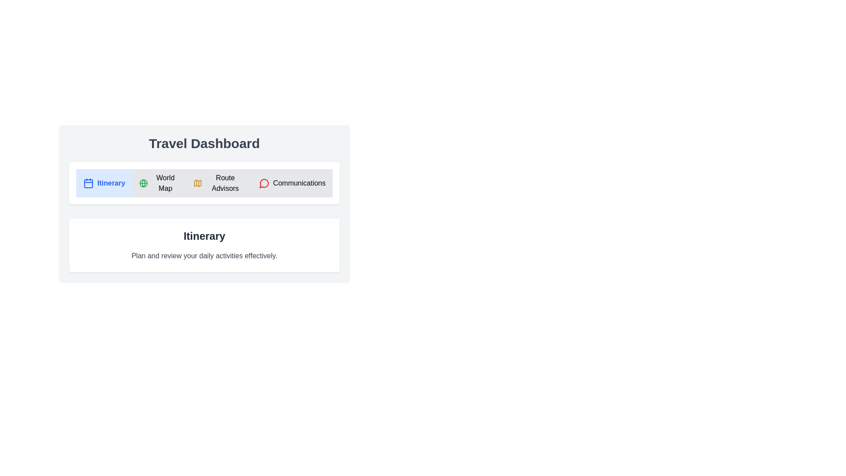  Describe the element at coordinates (219, 183) in the screenshot. I see `the tab labeled Route Advisors to view its content` at that location.